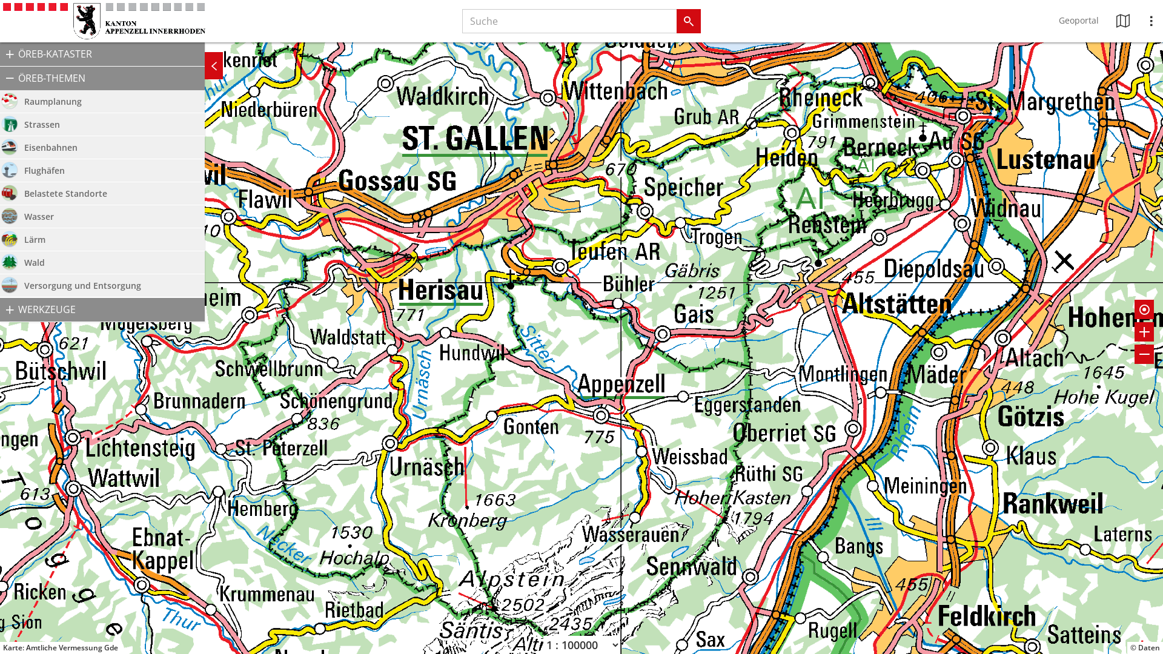  Describe the element at coordinates (1144, 354) in the screenshot. I see `'Zoom Out'` at that location.